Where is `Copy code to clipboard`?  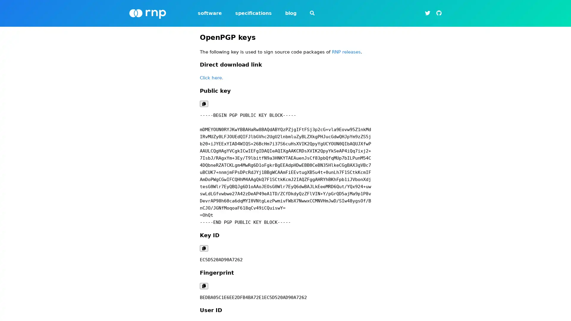 Copy code to clipboard is located at coordinates (204, 285).